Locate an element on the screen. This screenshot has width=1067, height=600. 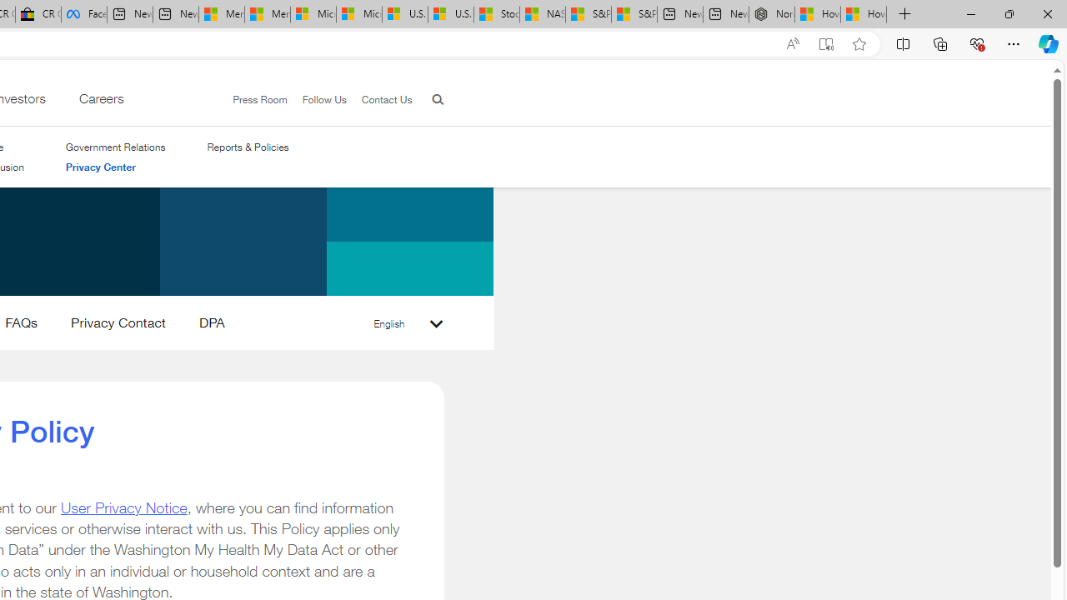
'Press Room' is located at coordinates (259, 99).